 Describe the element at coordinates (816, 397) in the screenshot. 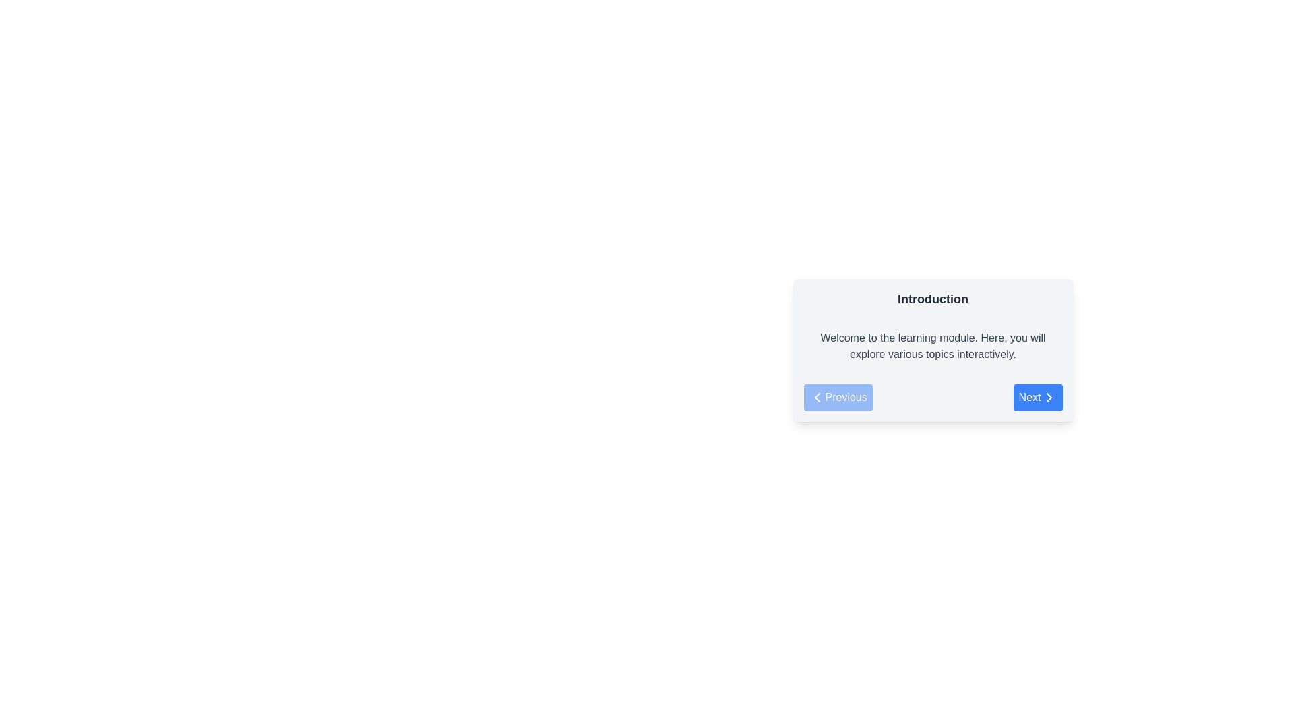

I see `the Icon (Chevron Left) which is located within the button labeled 'Previous', indicating its function to navigate to the previous step in the sequence` at that location.